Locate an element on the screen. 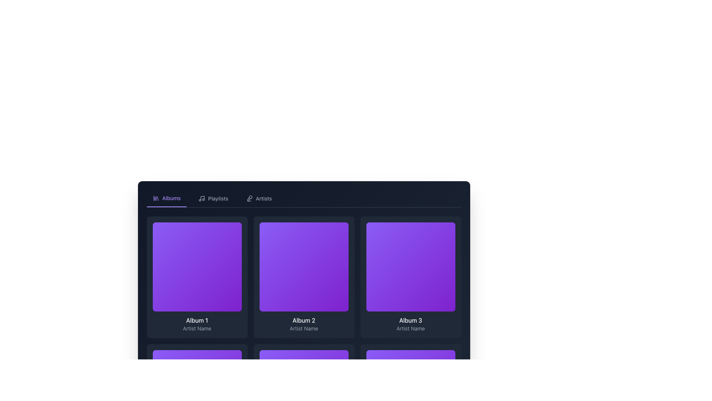 This screenshot has height=401, width=712. the 'Albums' tab in the navigation bar, which is styled with violet text and marked with a highlighted underline is located at coordinates (166, 198).